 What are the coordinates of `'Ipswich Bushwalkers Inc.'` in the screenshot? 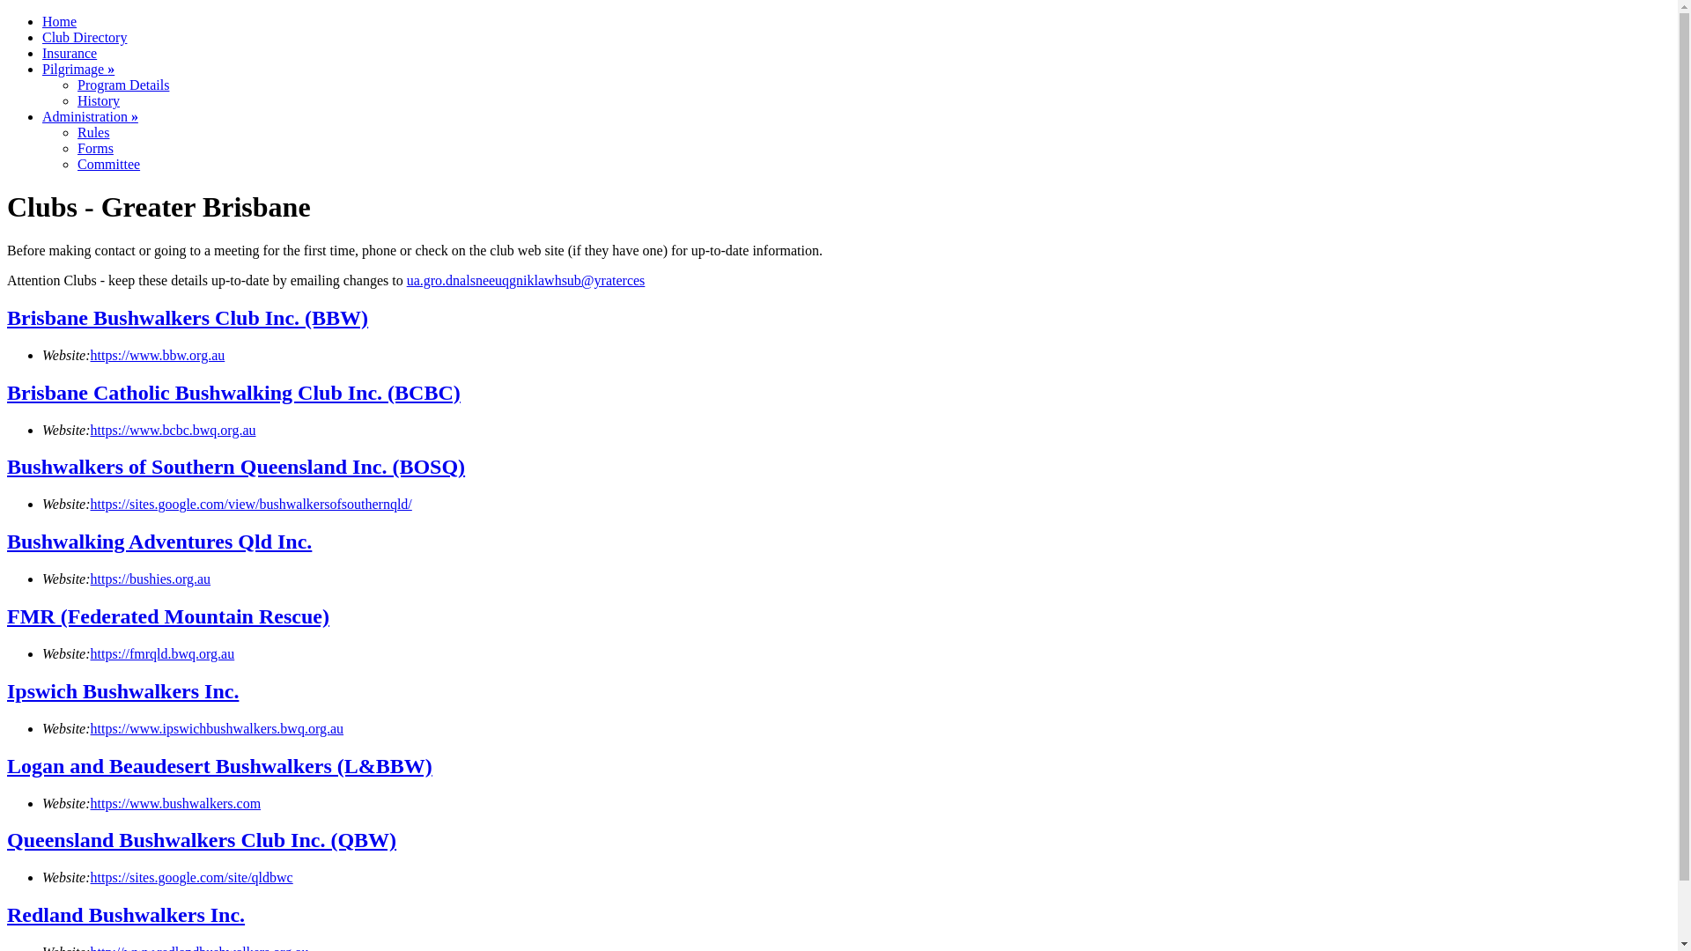 It's located at (7, 690).